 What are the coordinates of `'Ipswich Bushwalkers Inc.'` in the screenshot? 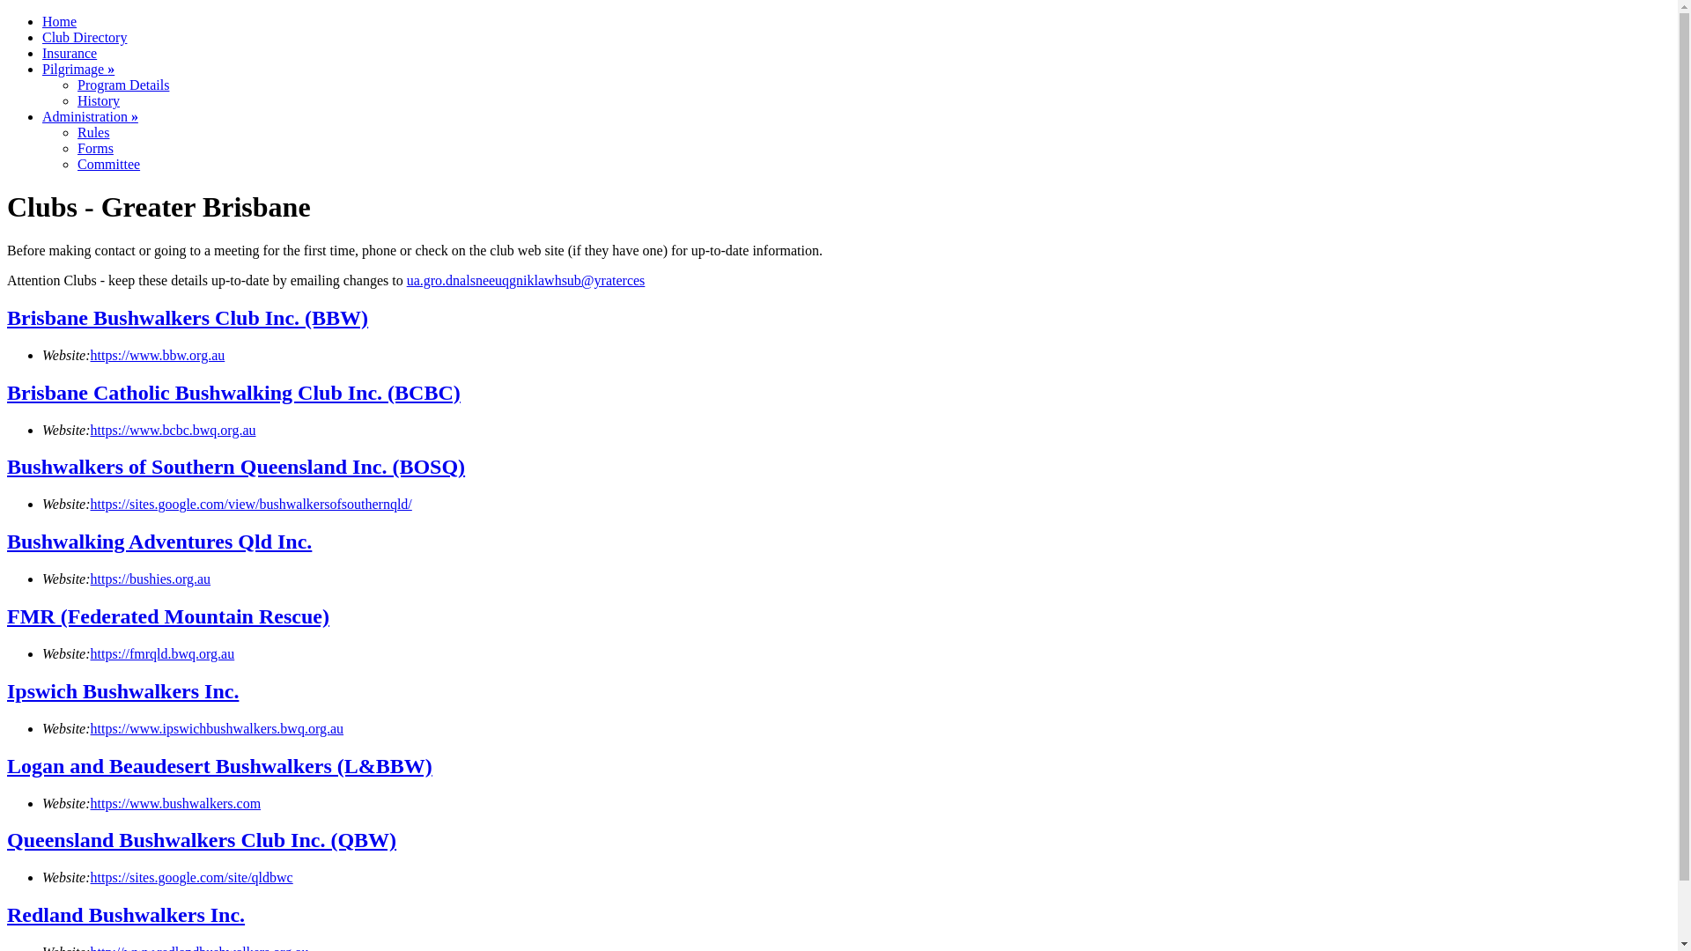 It's located at (7, 690).